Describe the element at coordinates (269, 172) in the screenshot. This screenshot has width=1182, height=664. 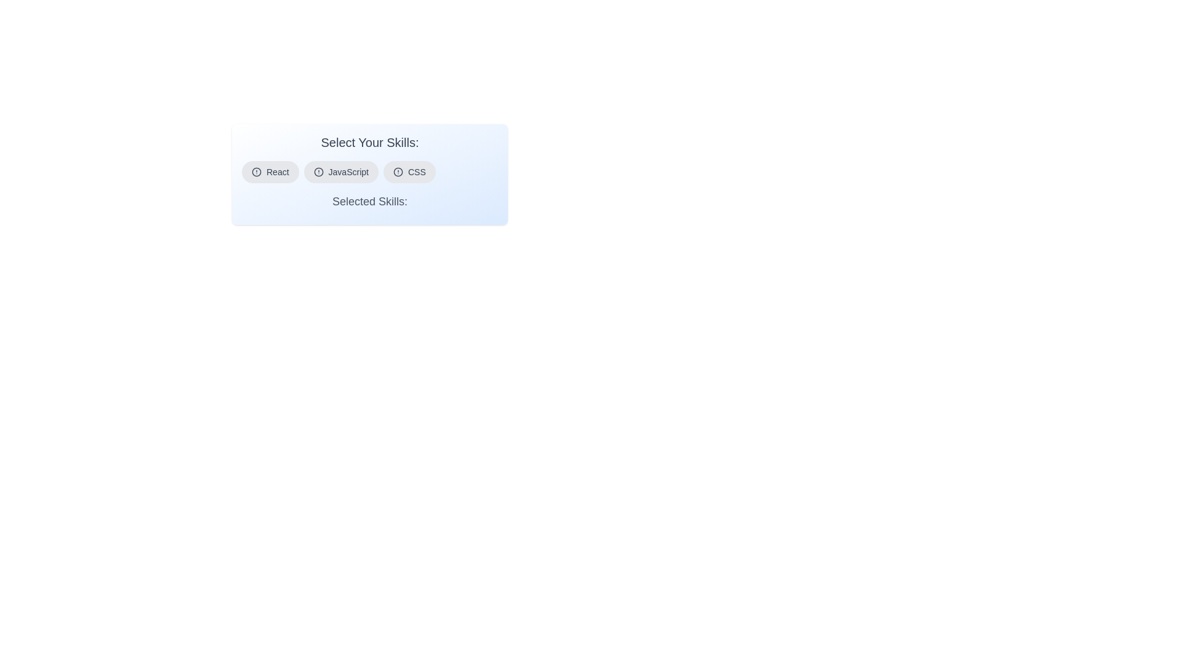
I see `the skill chip labeled React` at that location.